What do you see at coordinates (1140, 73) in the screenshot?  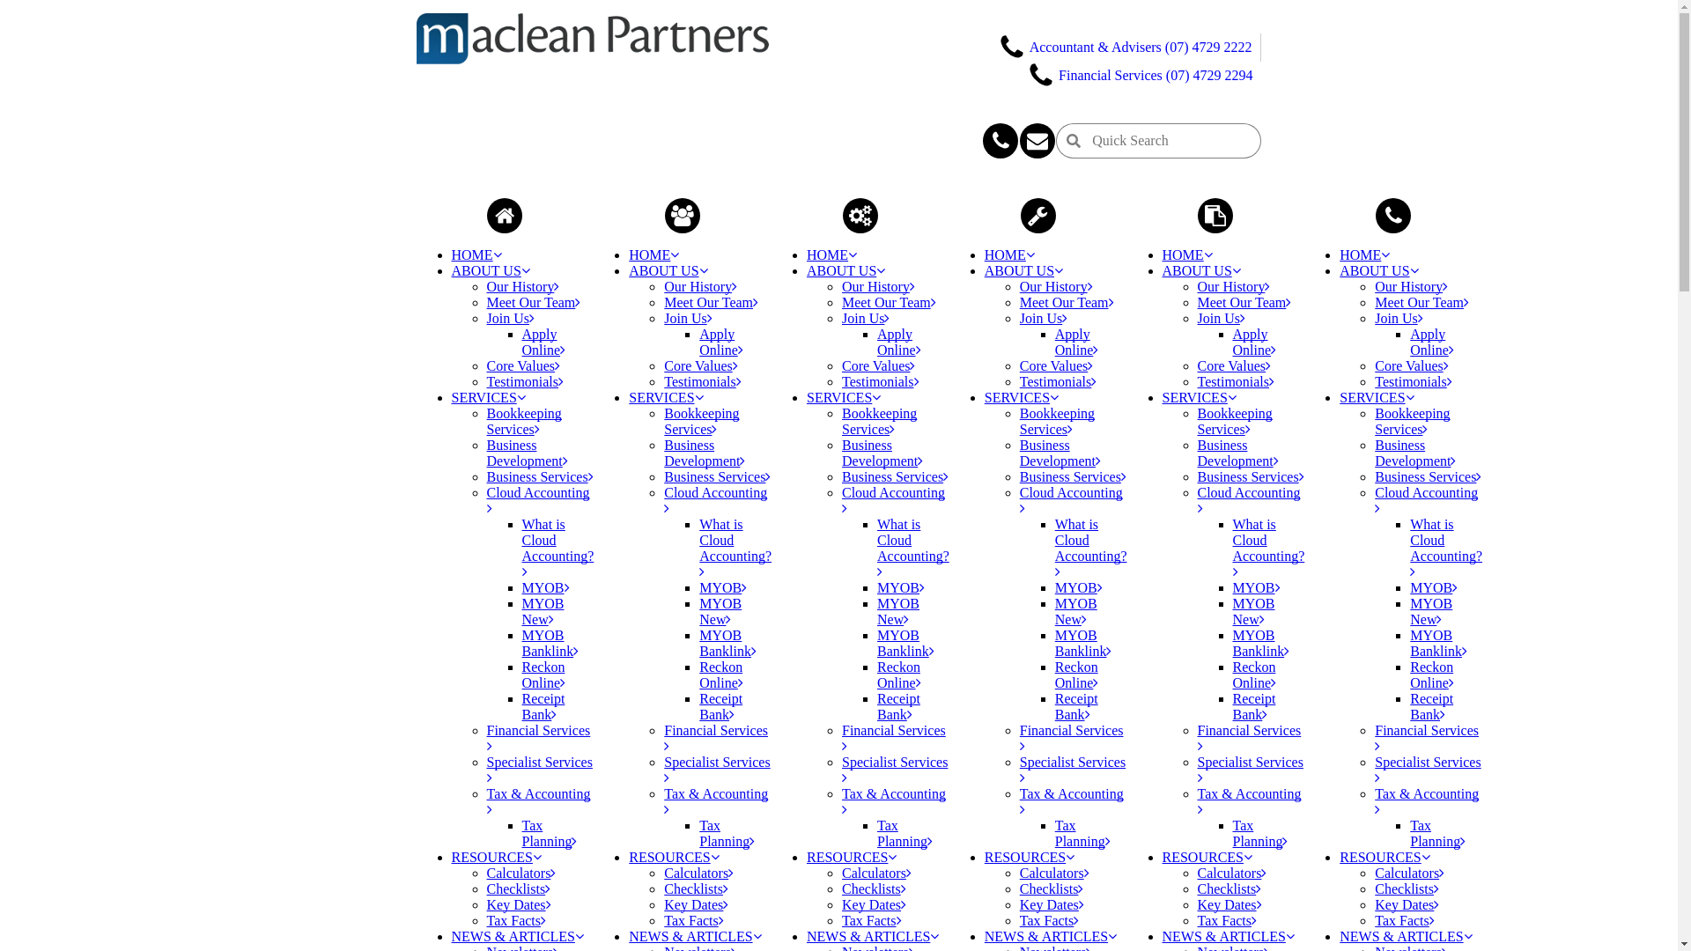 I see `'Financial Services (07) 4729 2294'` at bounding box center [1140, 73].